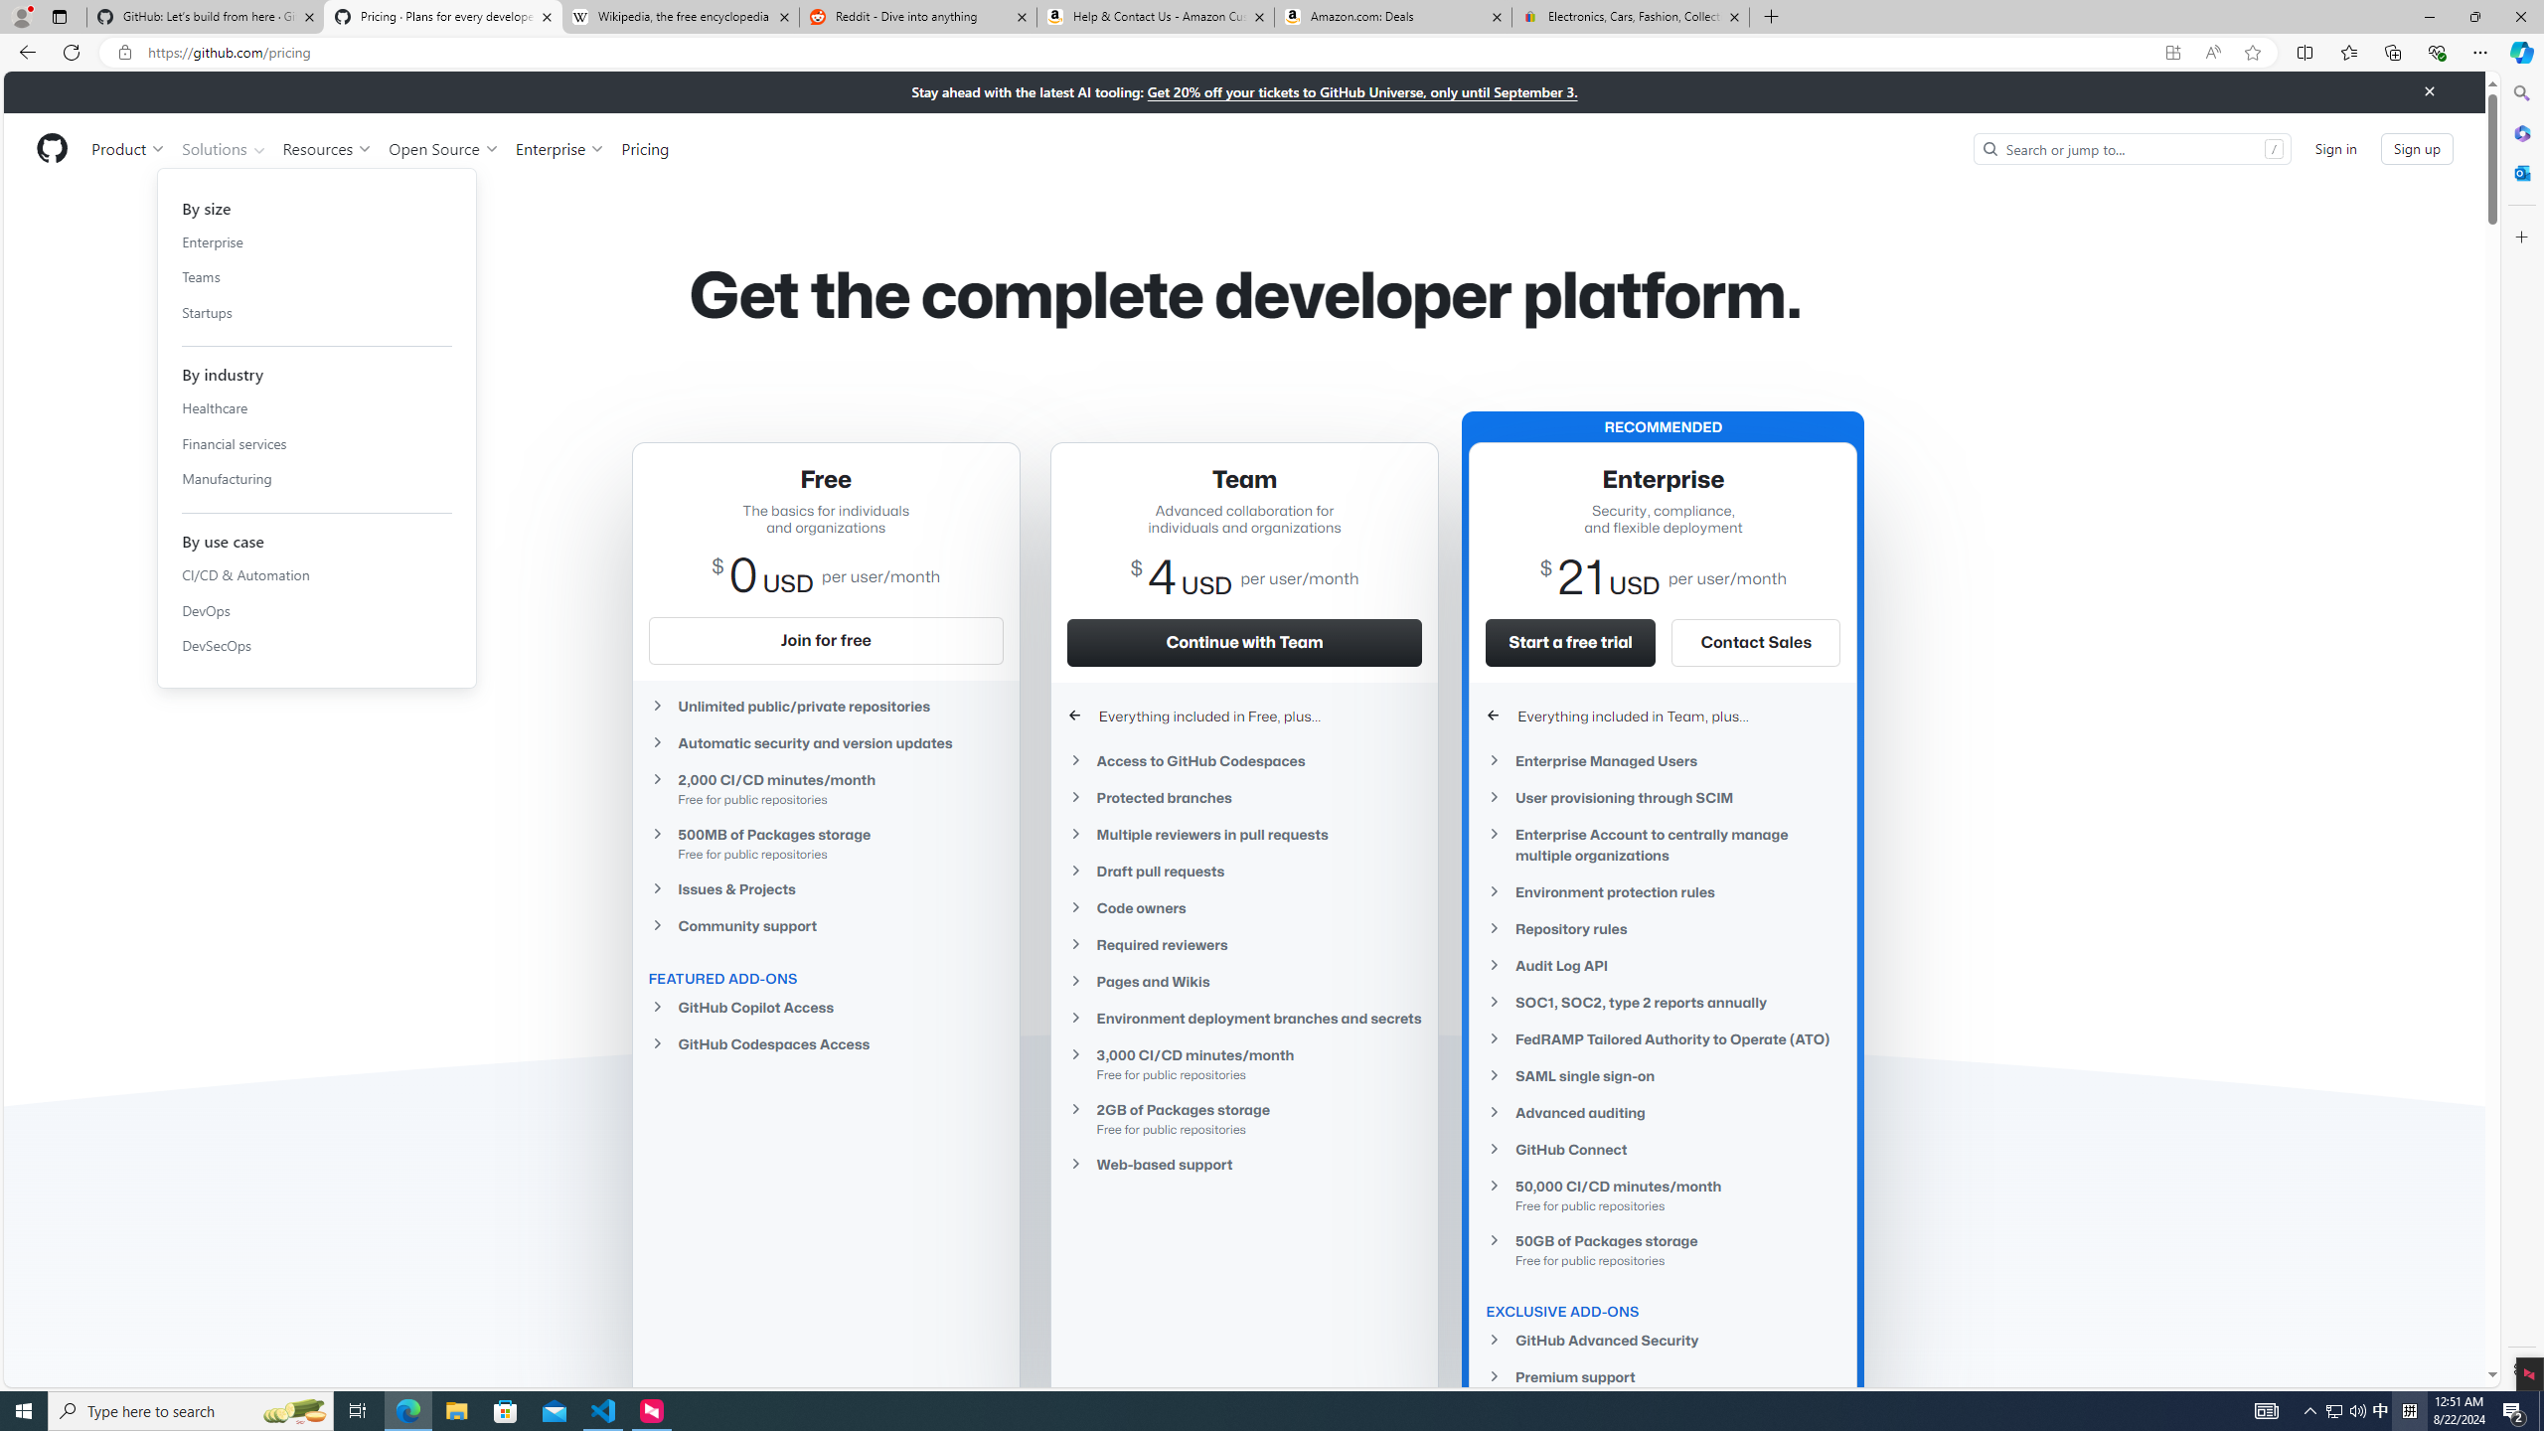  What do you see at coordinates (1664, 760) in the screenshot?
I see `'Enterprise Managed Users'` at bounding box center [1664, 760].